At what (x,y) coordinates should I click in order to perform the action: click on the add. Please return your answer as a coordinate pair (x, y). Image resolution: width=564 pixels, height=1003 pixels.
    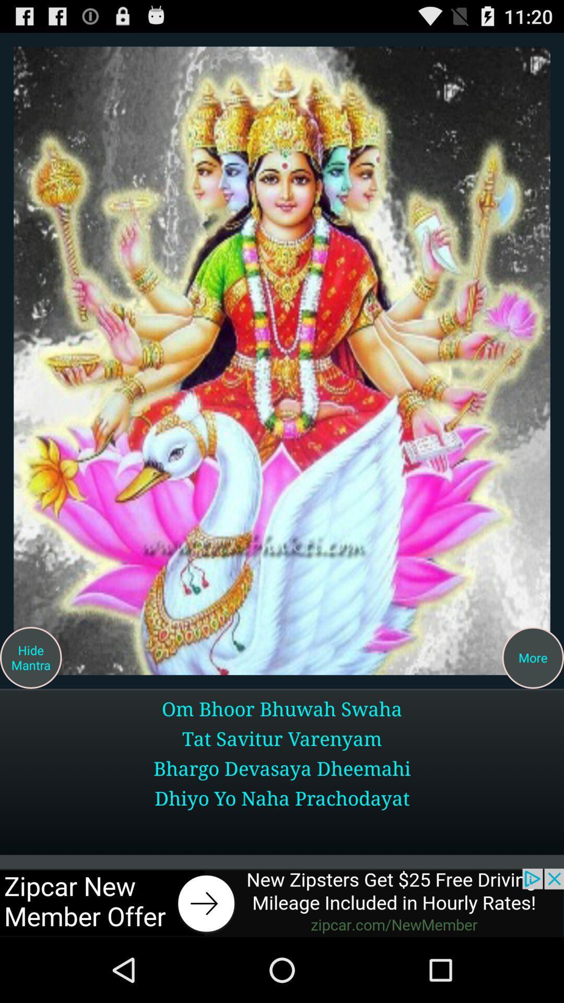
    Looking at the image, I should click on (282, 902).